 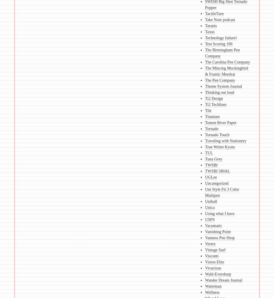 I want to click on 'Using what I have', so click(x=205, y=213).